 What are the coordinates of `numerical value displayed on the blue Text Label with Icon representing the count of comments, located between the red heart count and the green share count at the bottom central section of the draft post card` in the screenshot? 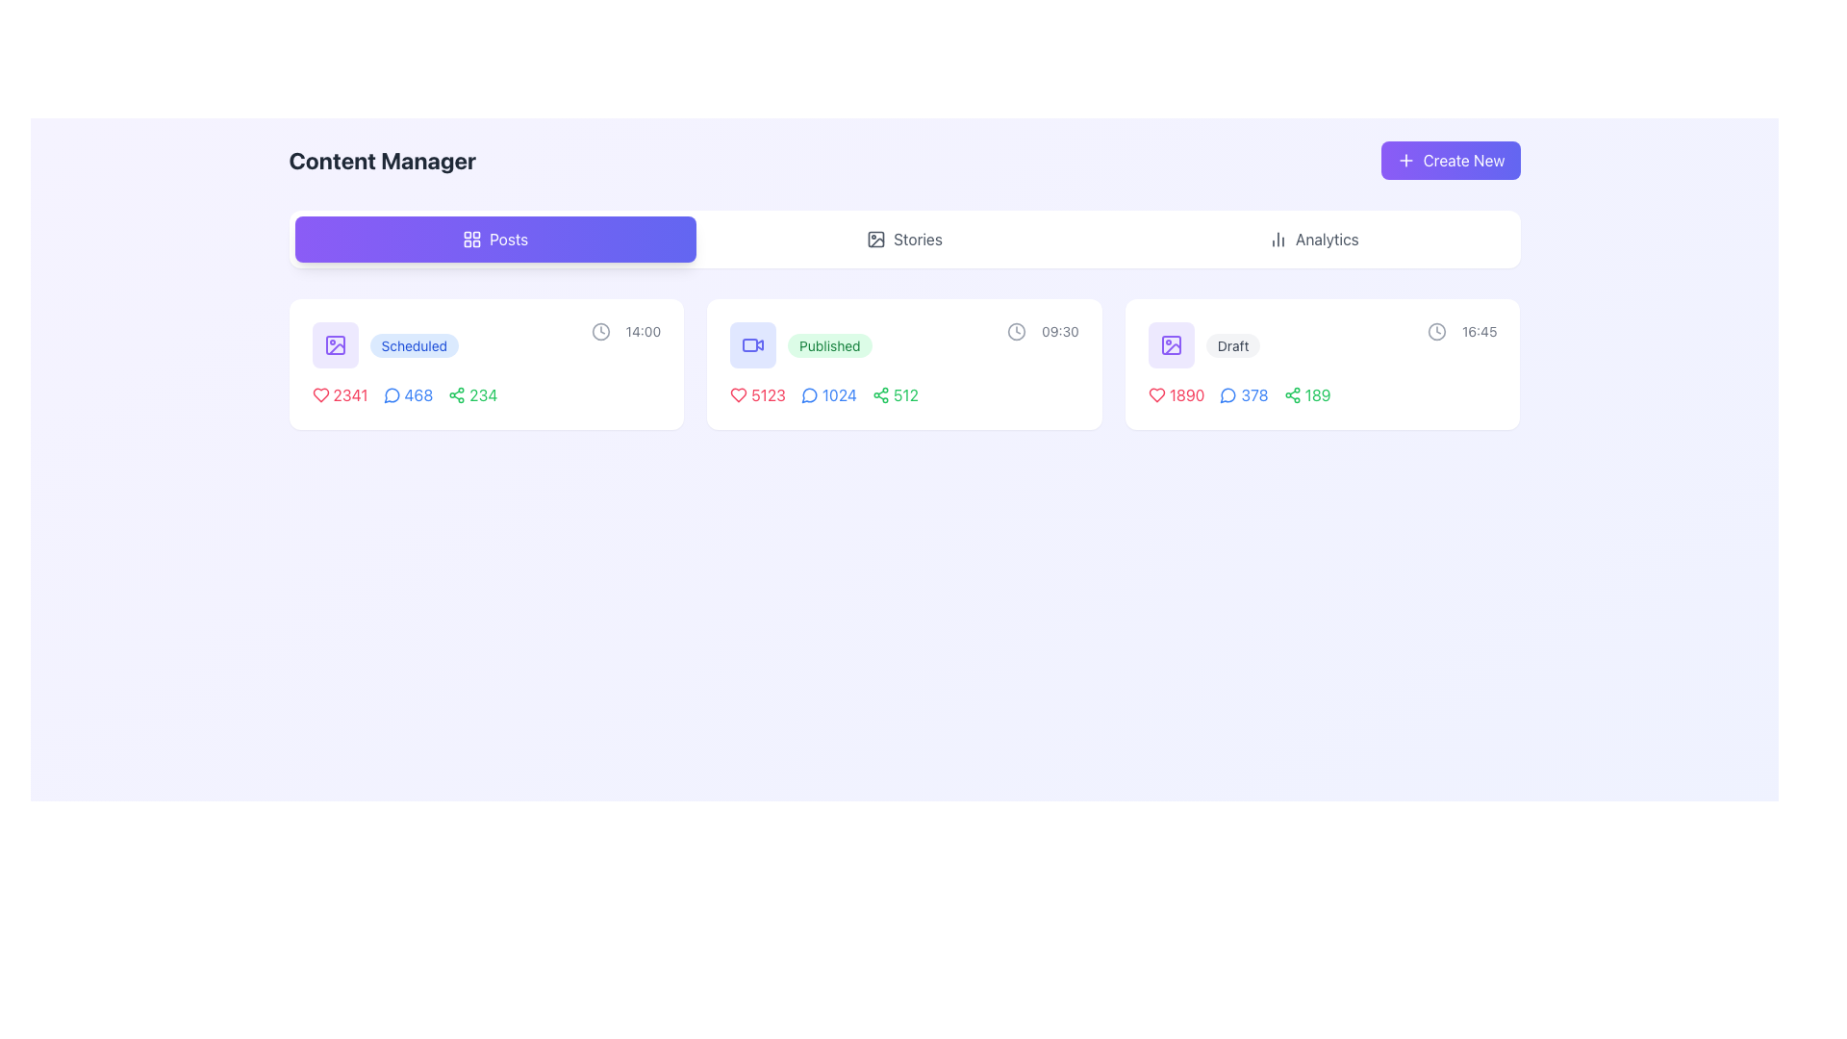 It's located at (1239, 394).